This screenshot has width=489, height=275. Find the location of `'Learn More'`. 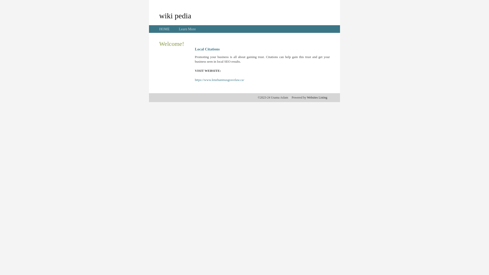

'Learn More' is located at coordinates (187, 29).